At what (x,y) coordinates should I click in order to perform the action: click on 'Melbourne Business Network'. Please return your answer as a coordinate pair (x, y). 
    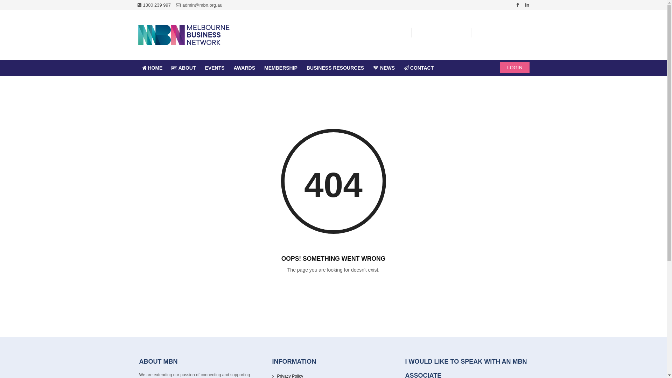
    Looking at the image, I should click on (183, 35).